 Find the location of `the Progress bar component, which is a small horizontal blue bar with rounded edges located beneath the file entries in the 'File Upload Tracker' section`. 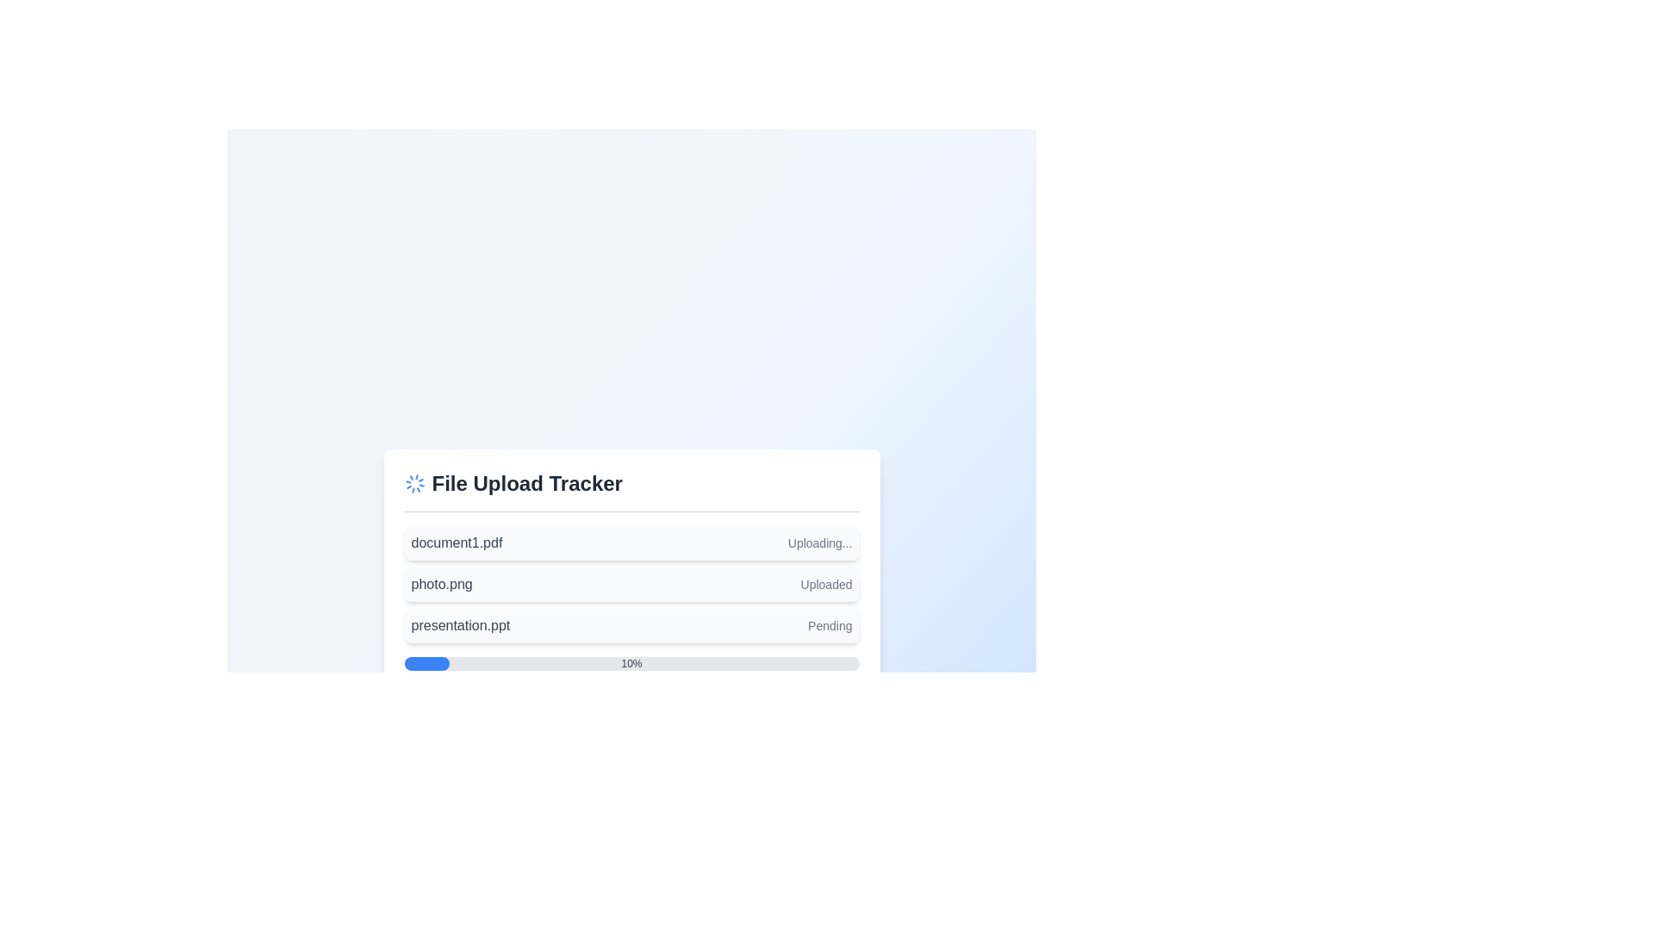

the Progress bar component, which is a small horizontal blue bar with rounded edges located beneath the file entries in the 'File Upload Tracker' section is located at coordinates (426, 662).